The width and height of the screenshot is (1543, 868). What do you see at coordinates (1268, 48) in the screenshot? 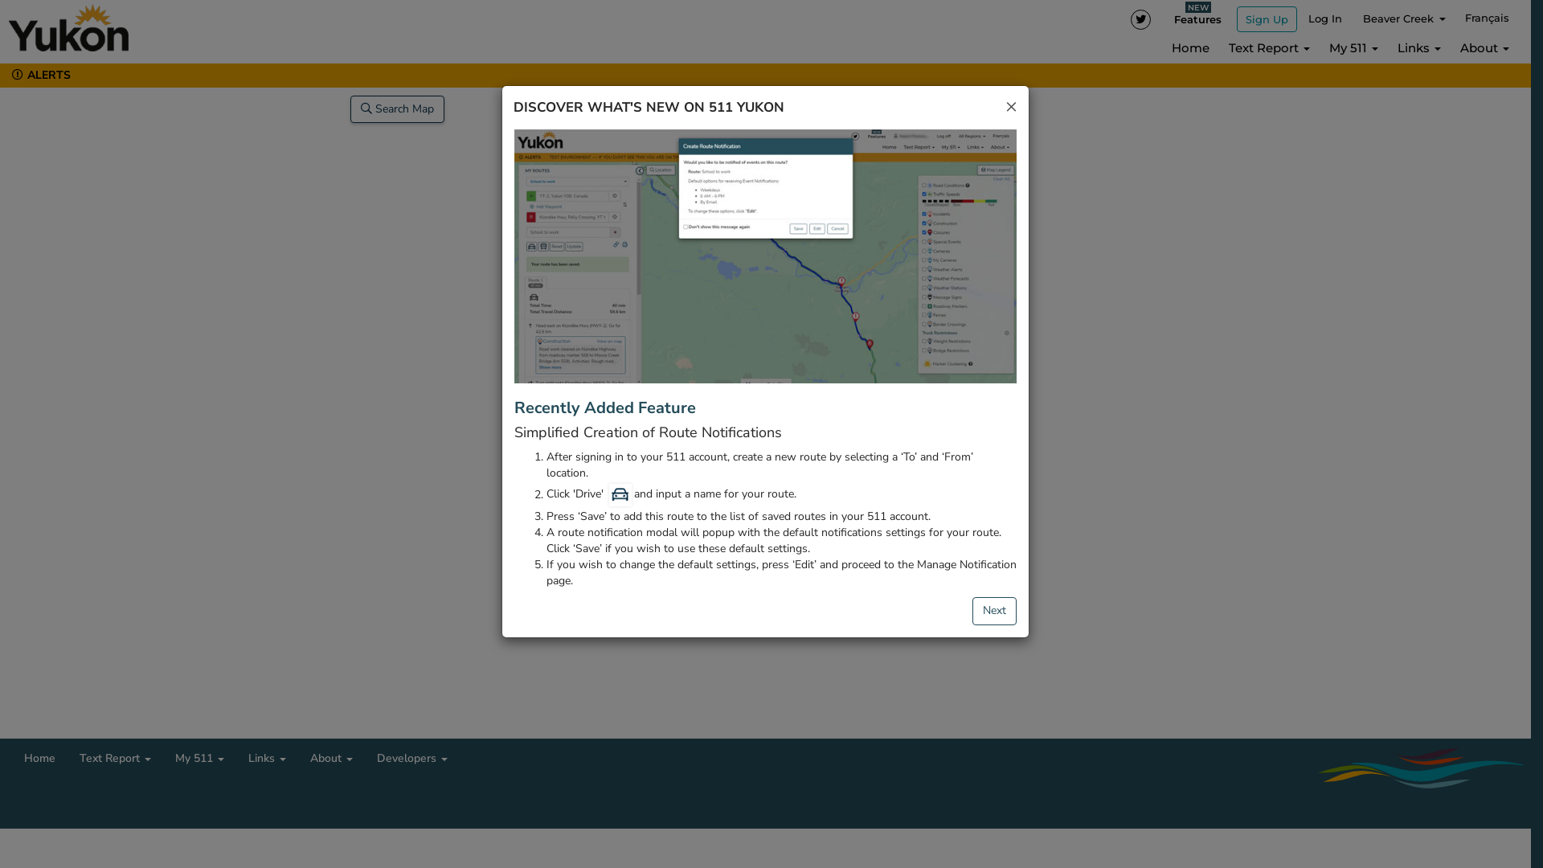
I see `'Text Report'` at bounding box center [1268, 48].